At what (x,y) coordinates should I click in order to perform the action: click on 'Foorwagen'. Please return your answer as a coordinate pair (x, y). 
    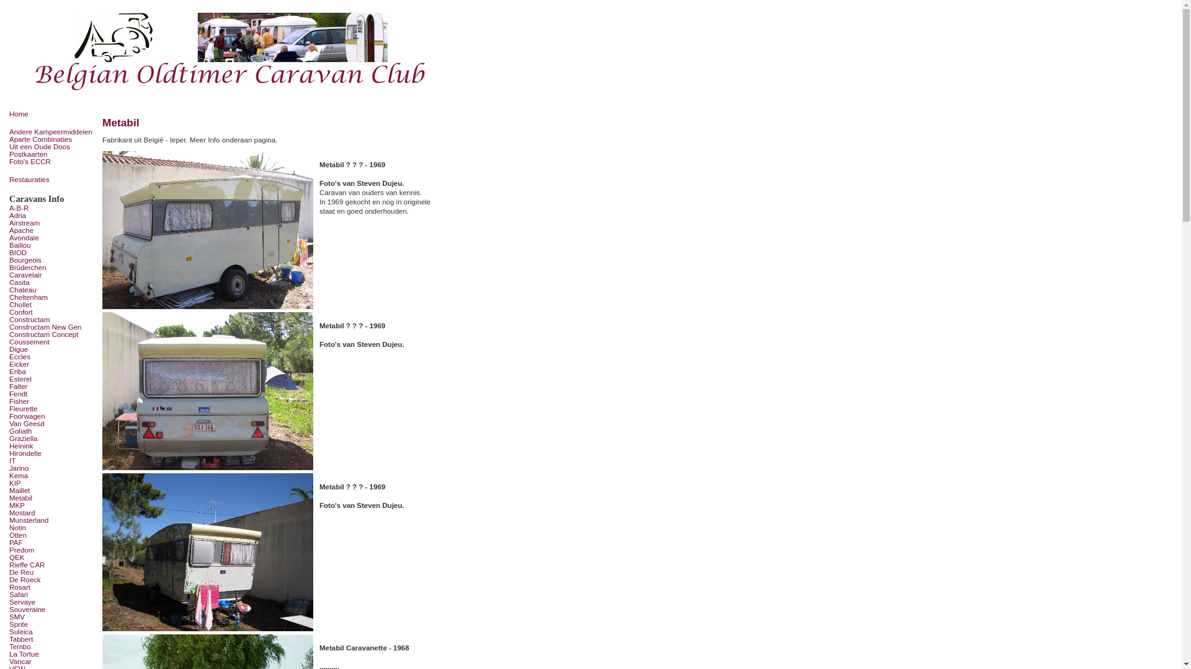
    Looking at the image, I should click on (52, 416).